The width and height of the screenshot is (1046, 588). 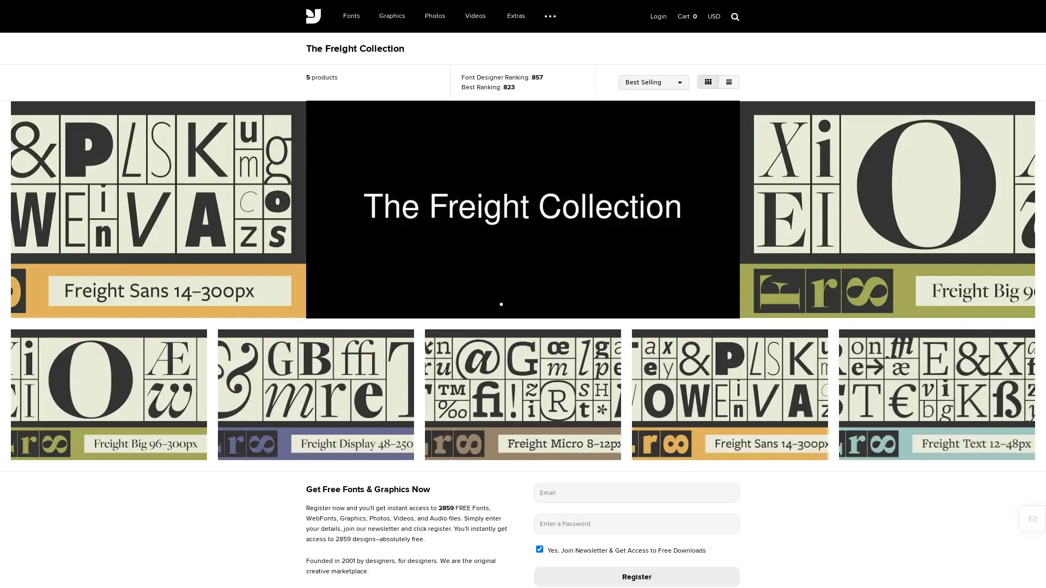 What do you see at coordinates (637, 576) in the screenshot?
I see `Register` at bounding box center [637, 576].